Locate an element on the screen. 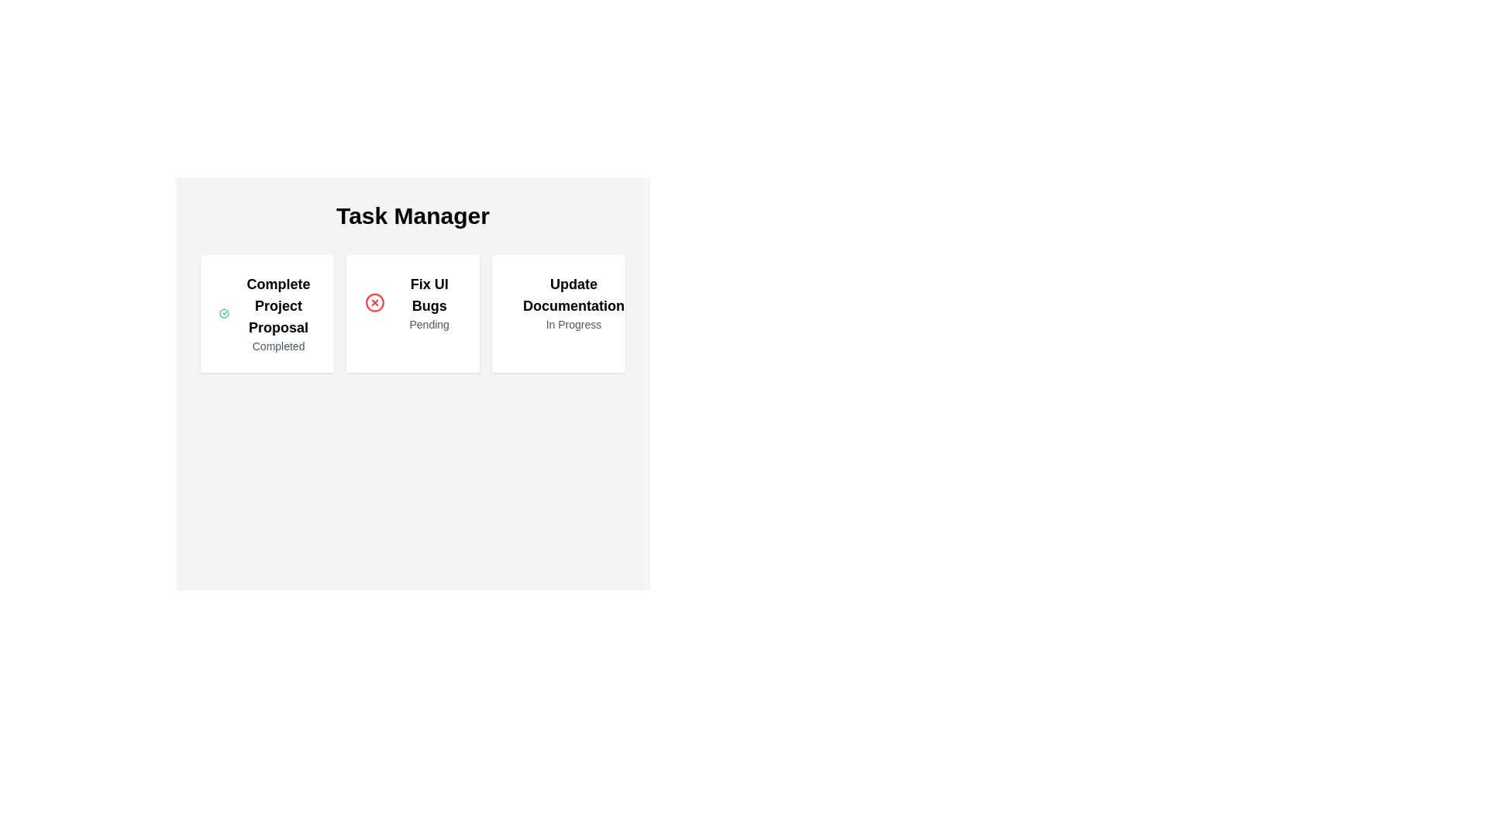  the status indicator text label located at the bottom section of the 'Update Documentation' card, which provides information about the progress state of the associated task is located at coordinates (573, 324).